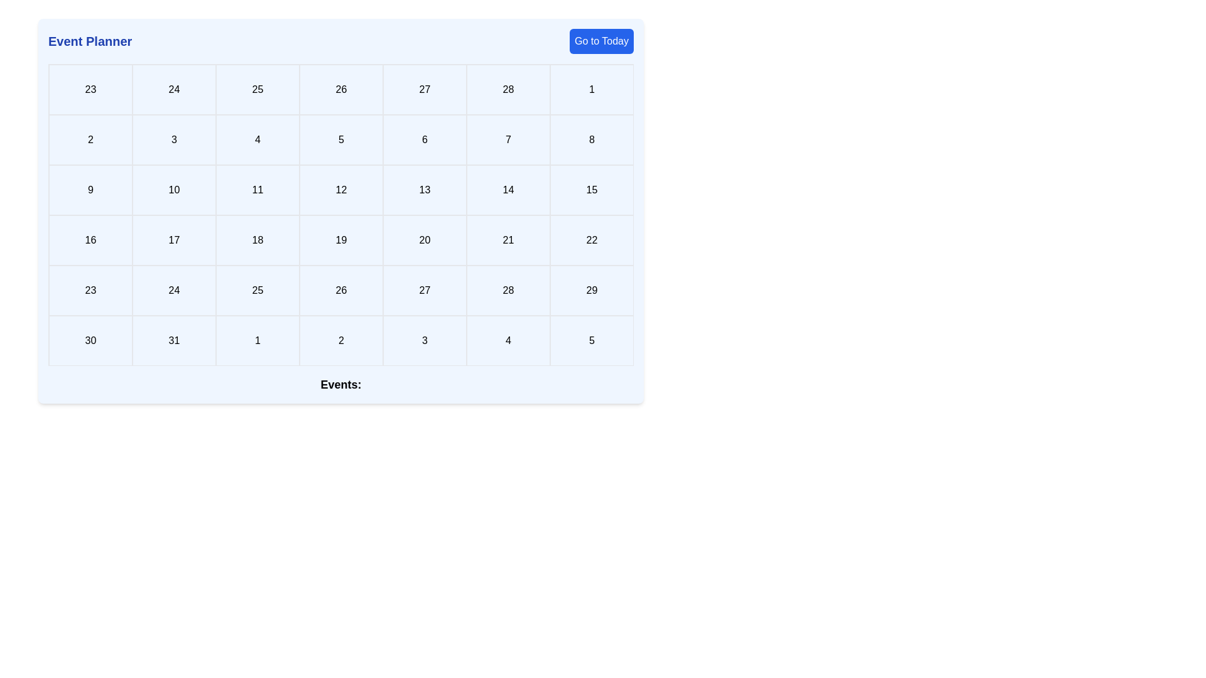 The width and height of the screenshot is (1206, 678). I want to click on the Calendar date cell in the fourth row and second column, so click(173, 240).